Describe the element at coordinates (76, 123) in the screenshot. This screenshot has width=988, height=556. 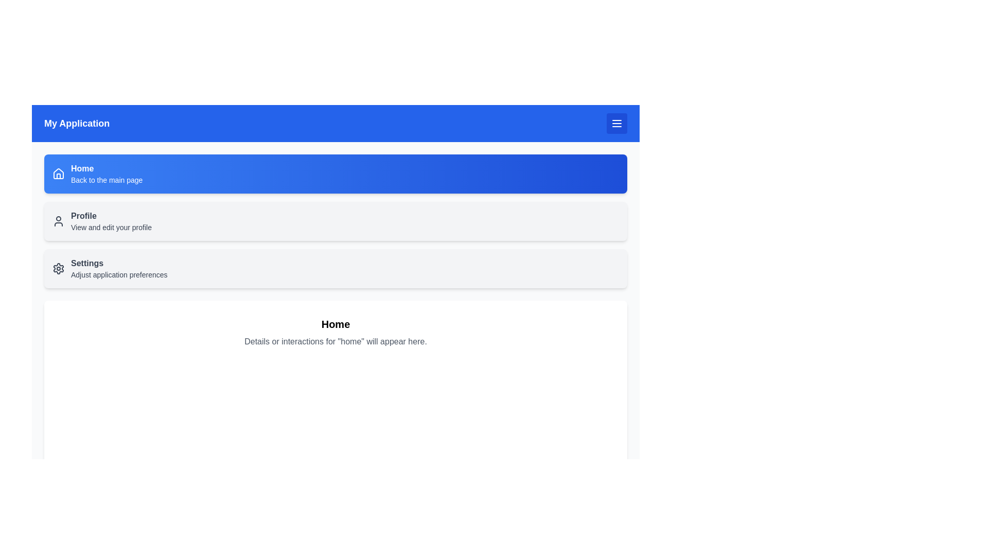
I see `the static text label displaying 'My Application' in bold white font on a blue background, which is positioned at the leftmost side of the header bar` at that location.